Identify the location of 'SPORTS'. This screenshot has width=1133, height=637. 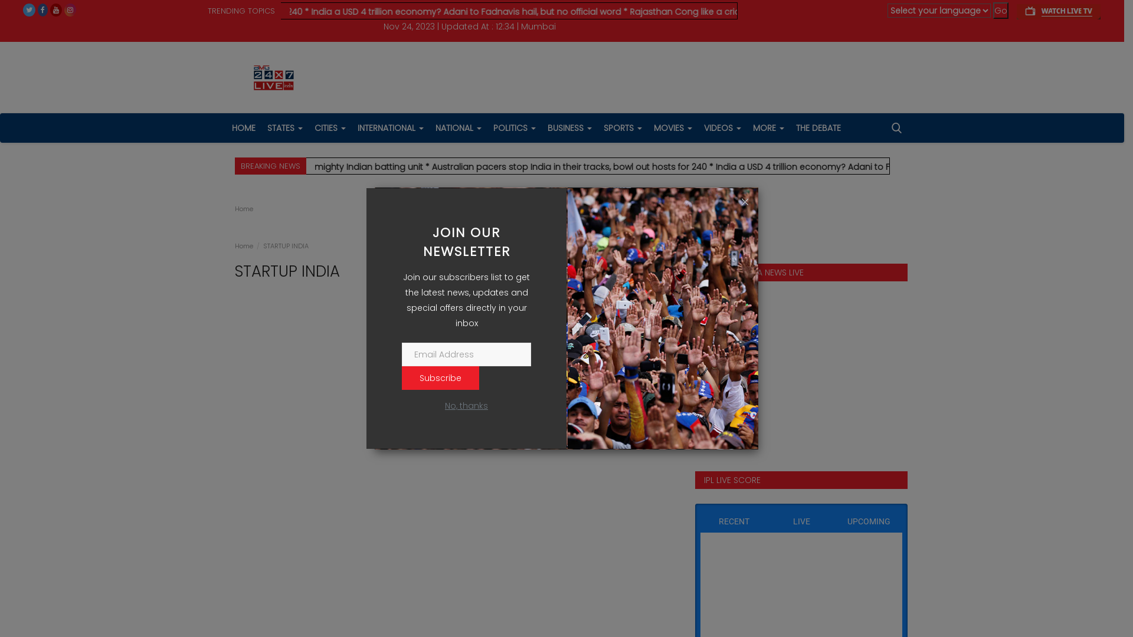
(621, 127).